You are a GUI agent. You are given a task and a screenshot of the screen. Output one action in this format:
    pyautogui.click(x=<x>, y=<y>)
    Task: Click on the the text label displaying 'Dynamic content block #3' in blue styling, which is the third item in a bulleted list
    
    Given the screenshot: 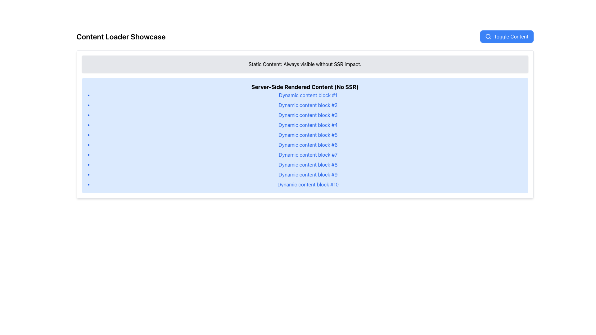 What is the action you would take?
    pyautogui.click(x=308, y=115)
    